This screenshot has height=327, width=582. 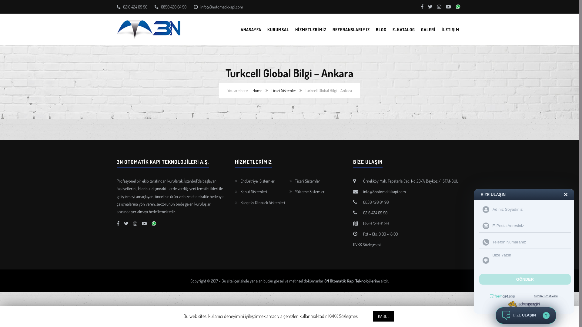 What do you see at coordinates (311, 29) in the screenshot?
I see `'HIZMETLERIMIZ'` at bounding box center [311, 29].